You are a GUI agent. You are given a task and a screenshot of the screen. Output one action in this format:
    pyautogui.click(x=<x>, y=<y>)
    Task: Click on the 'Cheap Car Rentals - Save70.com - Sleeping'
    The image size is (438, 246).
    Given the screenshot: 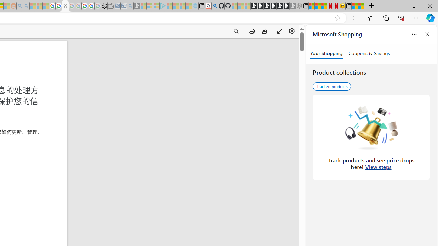 What is the action you would take?
    pyautogui.click(x=124, y=6)
    